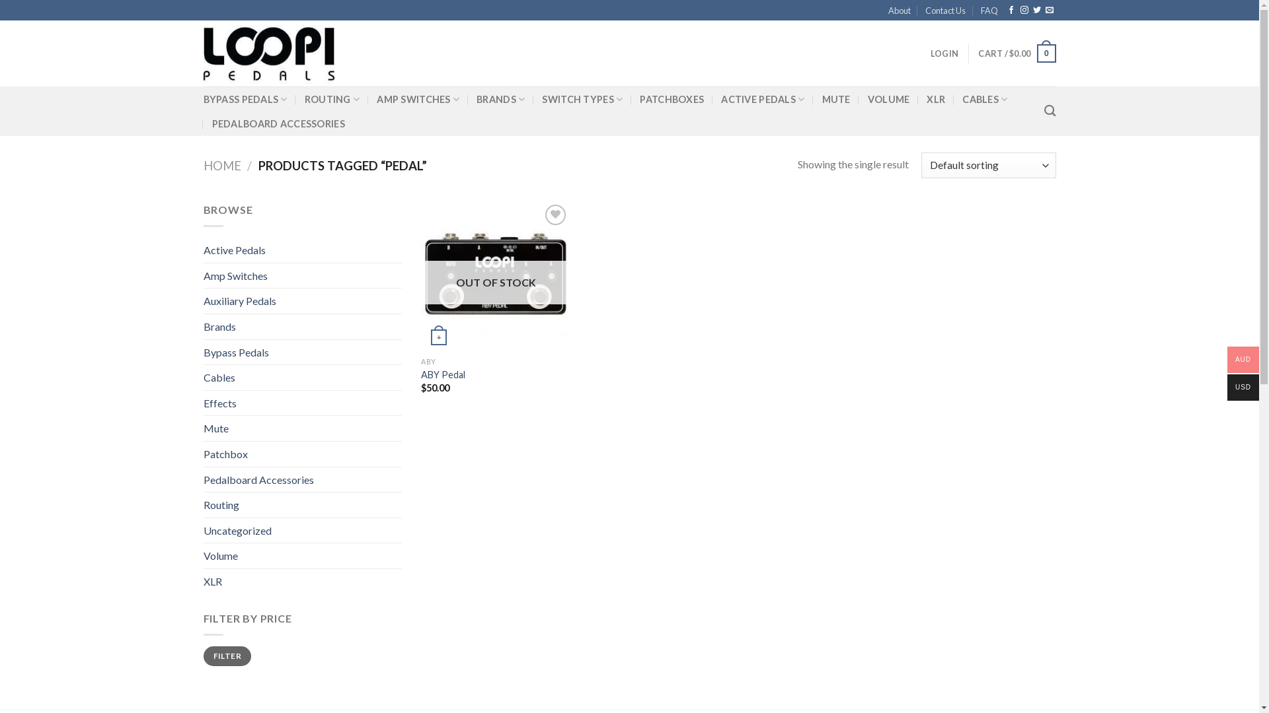 Image resolution: width=1269 pixels, height=713 pixels. Describe the element at coordinates (762, 98) in the screenshot. I see `'ACTIVE PEDALS'` at that location.